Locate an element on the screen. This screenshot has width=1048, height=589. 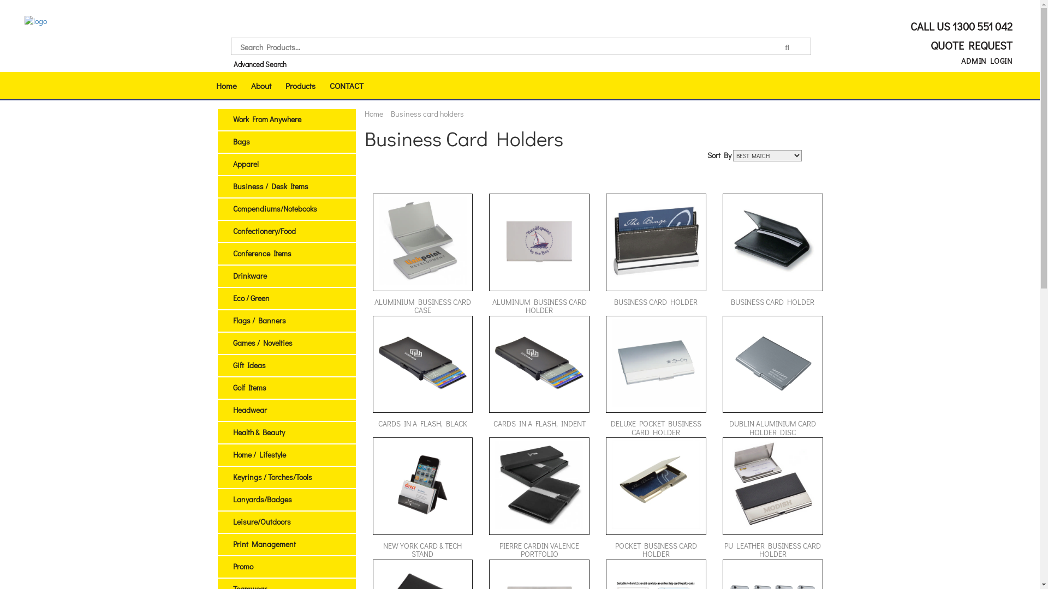
'Lanyards/Badges' is located at coordinates (262, 499).